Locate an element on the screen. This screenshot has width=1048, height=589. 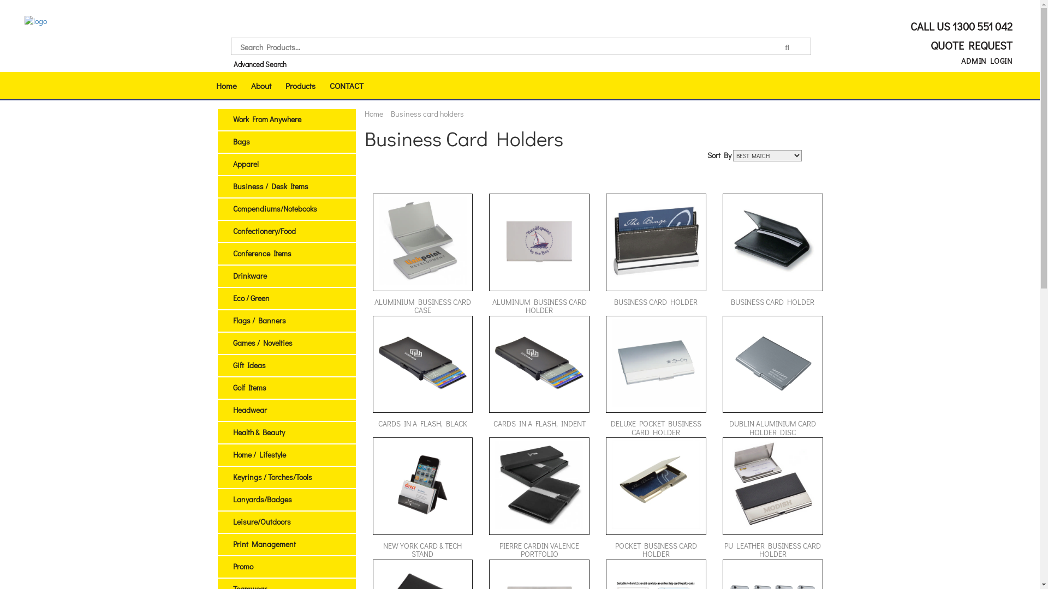
'Lanyards/Badges' is located at coordinates (262, 499).